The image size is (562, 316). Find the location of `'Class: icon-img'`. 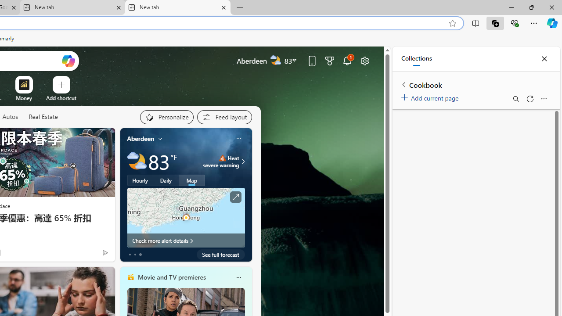

'Class: icon-img' is located at coordinates (238, 277).